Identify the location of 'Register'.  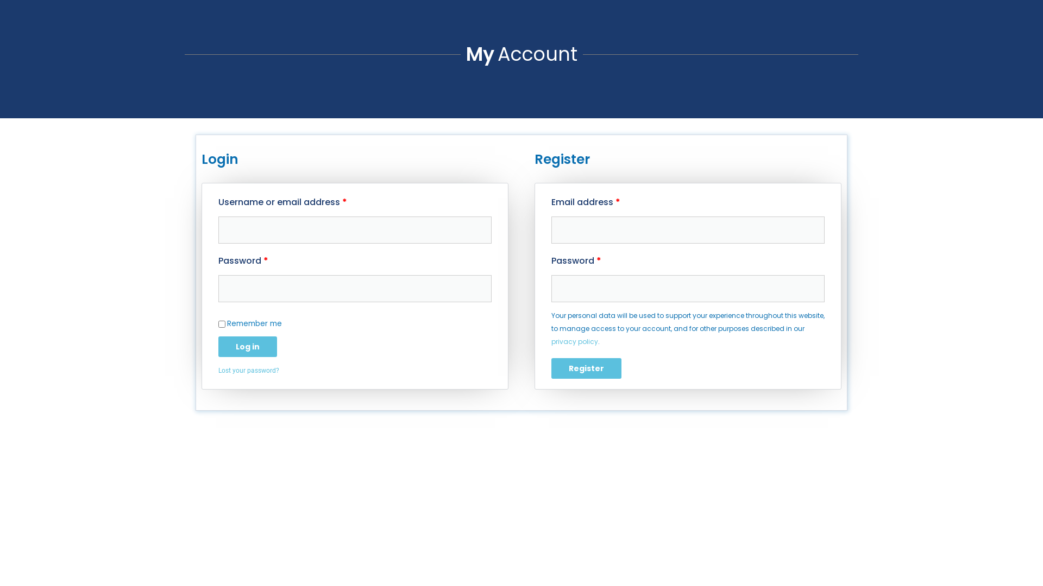
(586, 367).